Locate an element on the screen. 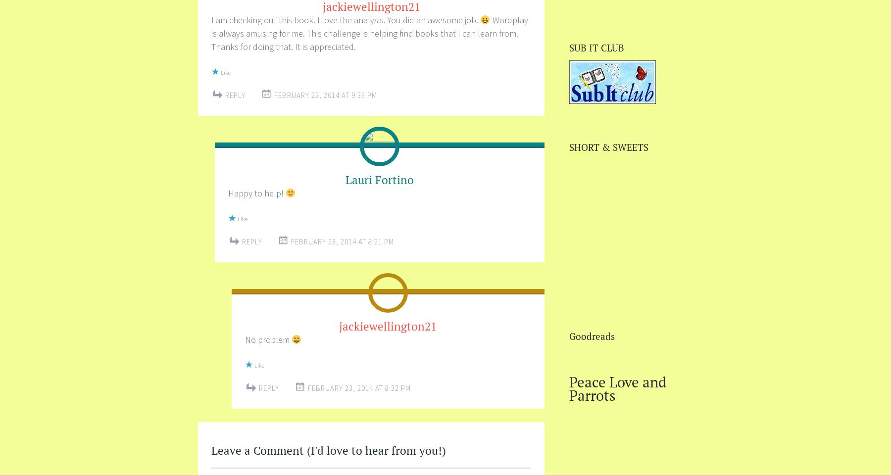 Image resolution: width=891 pixels, height=475 pixels. 'I am checking out this book. I love the analysis. You did an awesome job.' is located at coordinates (345, 19).